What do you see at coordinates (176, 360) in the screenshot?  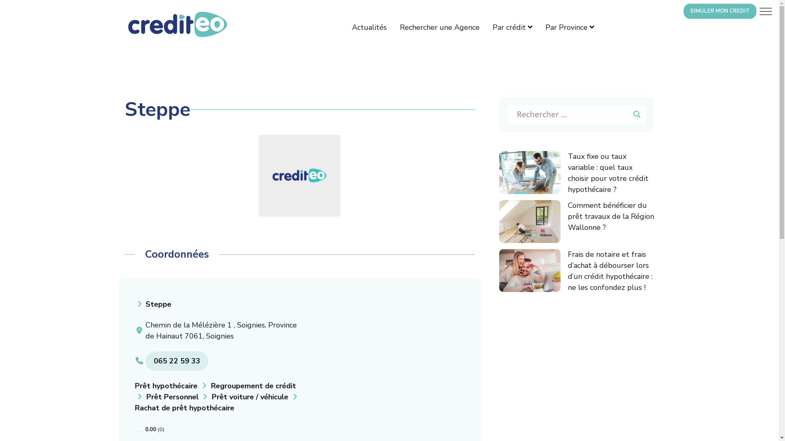 I see `'065 22 59 33'` at bounding box center [176, 360].